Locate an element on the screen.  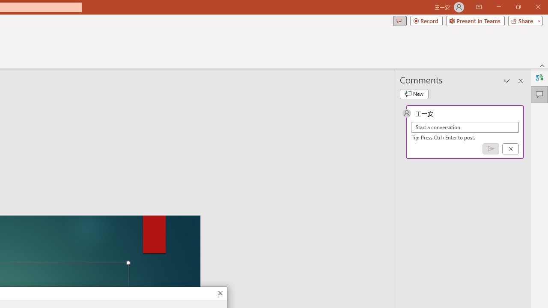
'Task Pane Options' is located at coordinates (507, 81).